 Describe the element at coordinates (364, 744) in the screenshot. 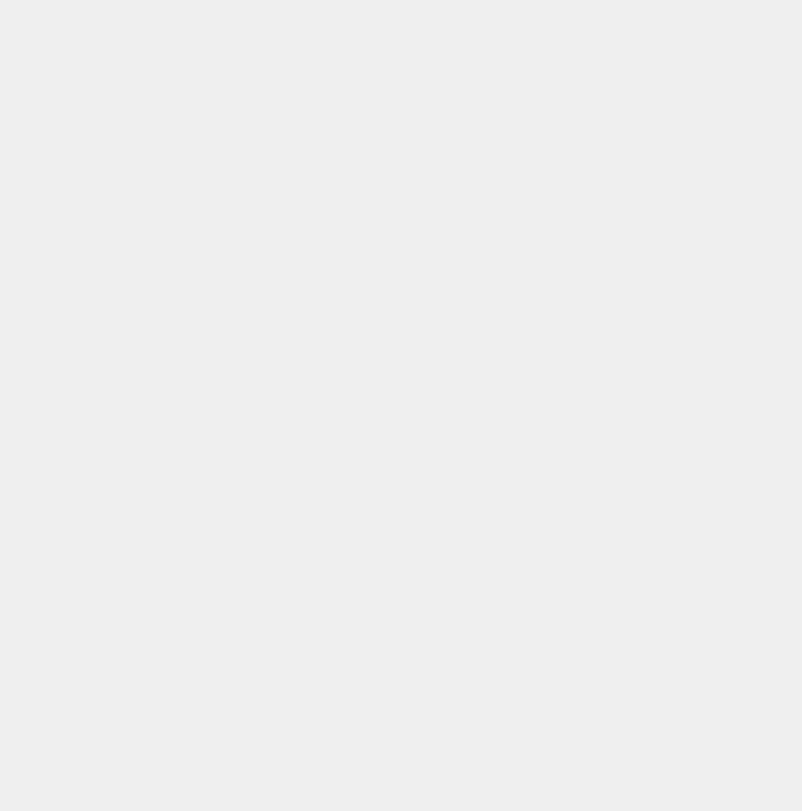

I see `'In vegetable farming, there is a thin line of demarcation between successful outcomes or otherwise of your farming business and this can ...'` at that location.